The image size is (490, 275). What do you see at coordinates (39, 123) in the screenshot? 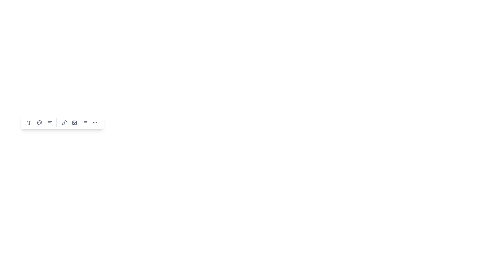
I see `the color or styling button located in the middle of the horizontal toolbar, which is the second button after a T-shaped text-related icon` at bounding box center [39, 123].